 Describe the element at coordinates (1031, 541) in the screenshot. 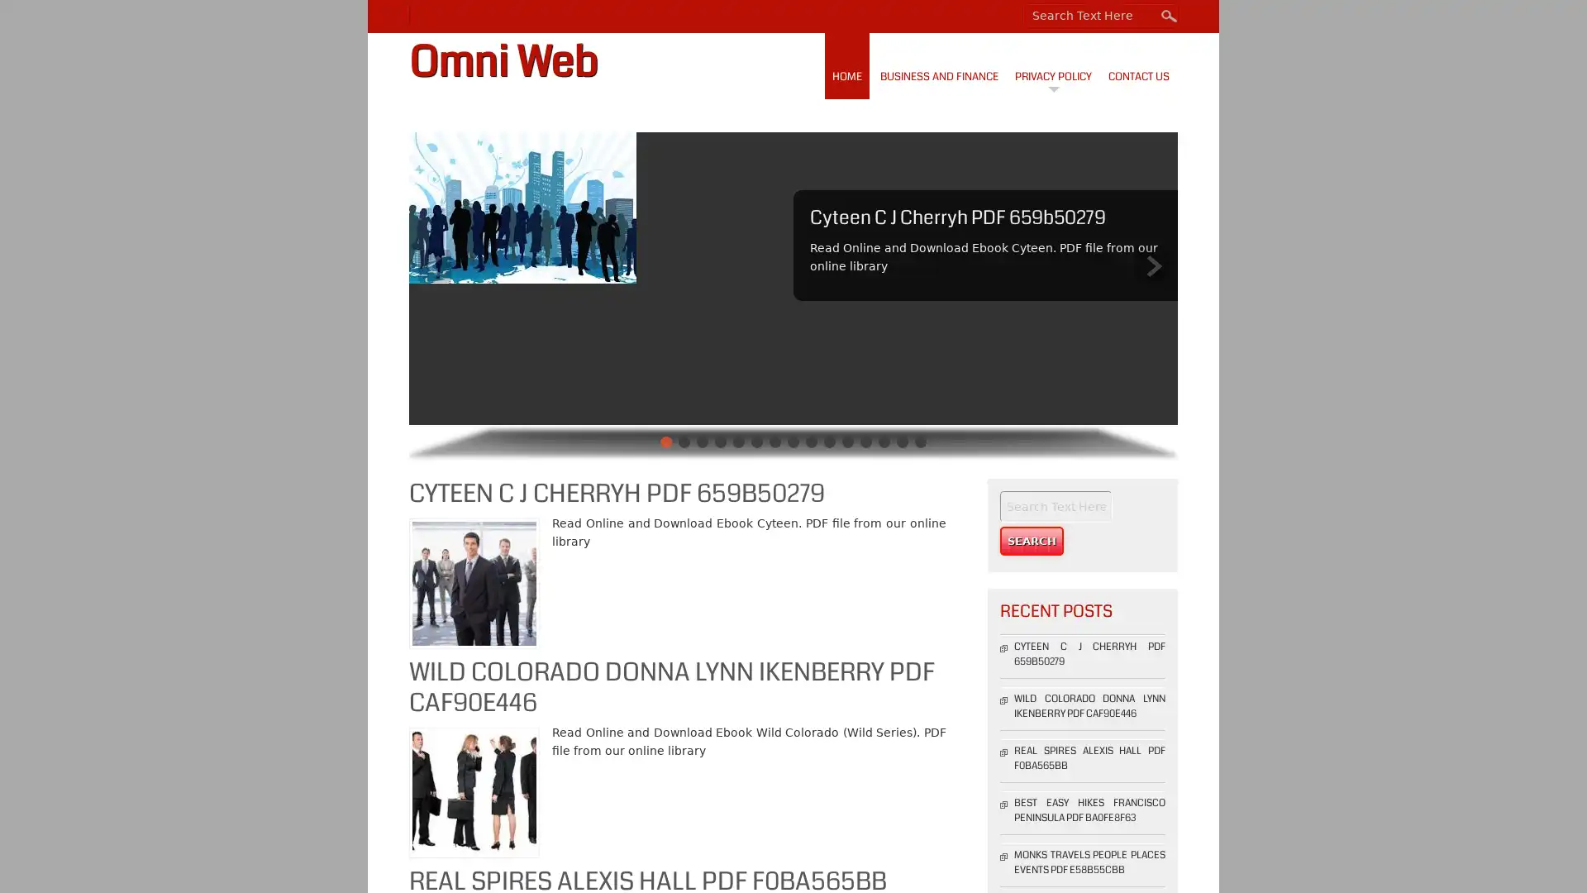

I see `Search` at that location.